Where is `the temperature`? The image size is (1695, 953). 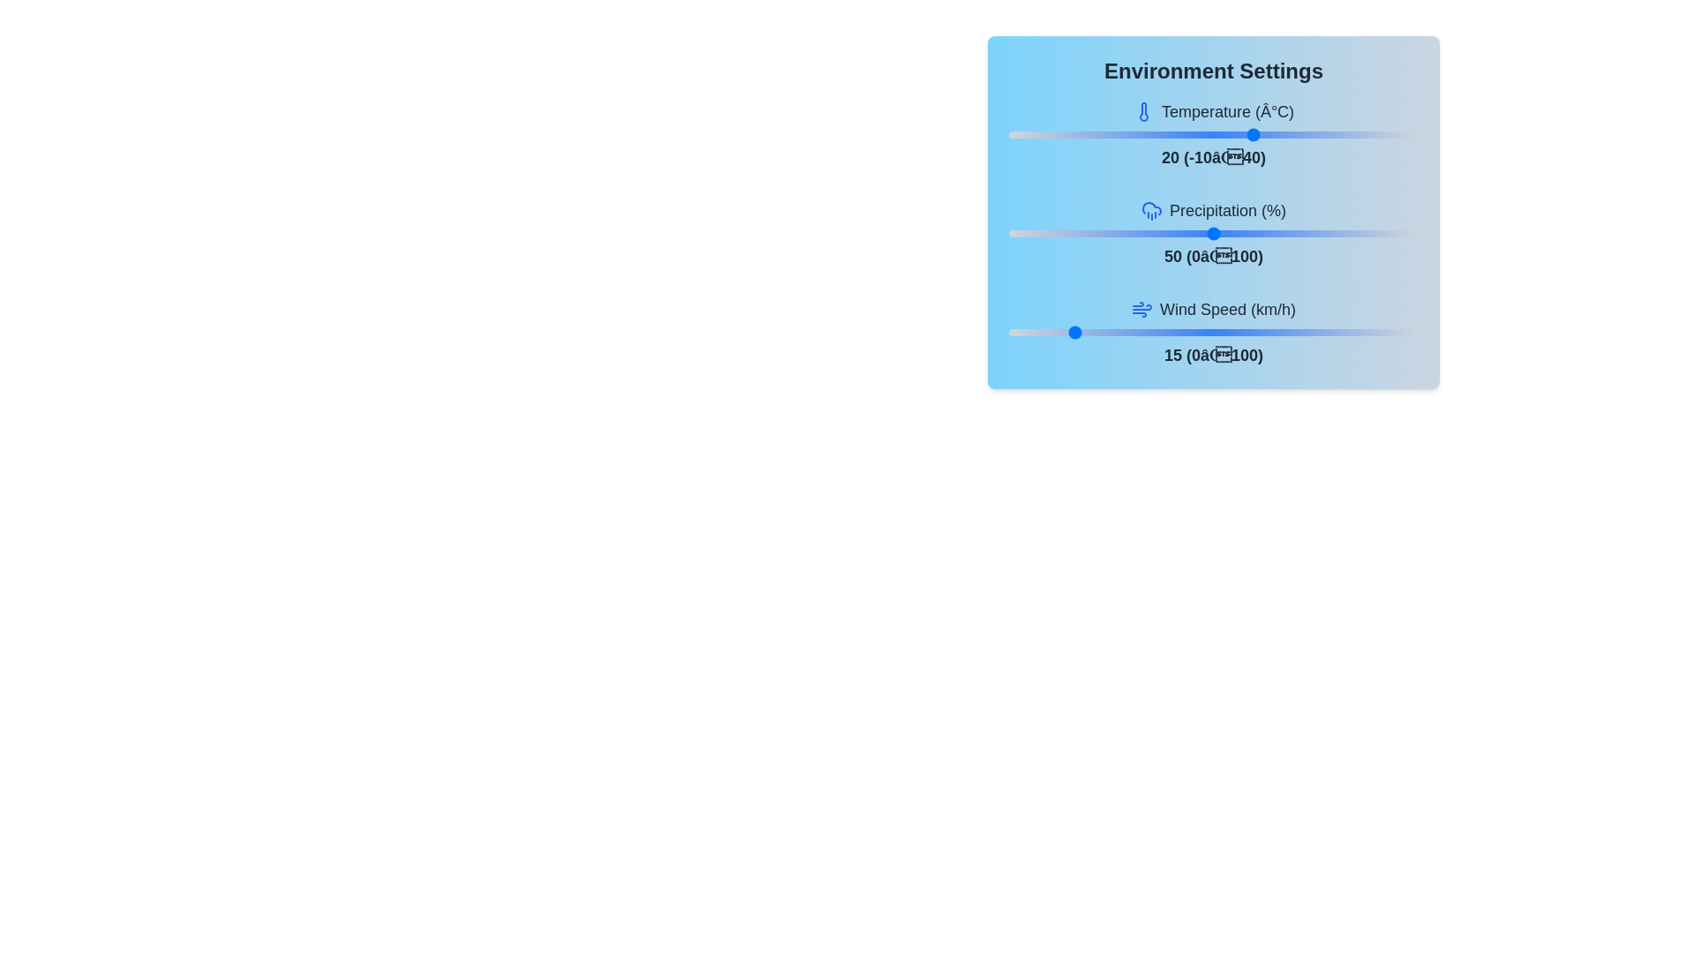 the temperature is located at coordinates (1295, 134).